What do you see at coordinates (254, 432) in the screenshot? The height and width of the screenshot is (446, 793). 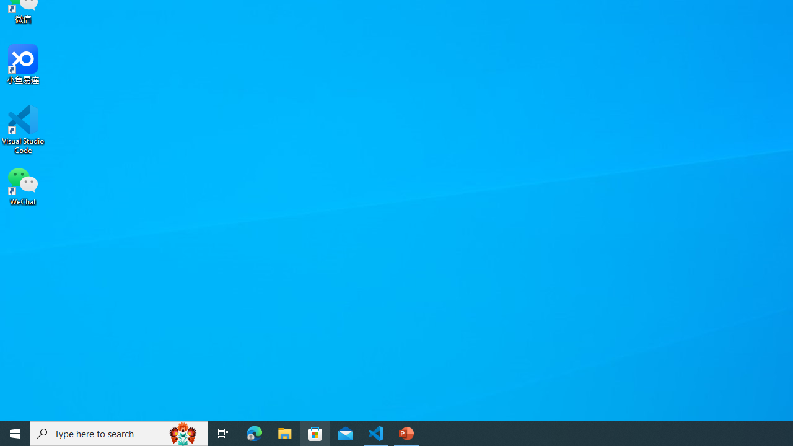 I see `'Microsoft Edge'` at bounding box center [254, 432].